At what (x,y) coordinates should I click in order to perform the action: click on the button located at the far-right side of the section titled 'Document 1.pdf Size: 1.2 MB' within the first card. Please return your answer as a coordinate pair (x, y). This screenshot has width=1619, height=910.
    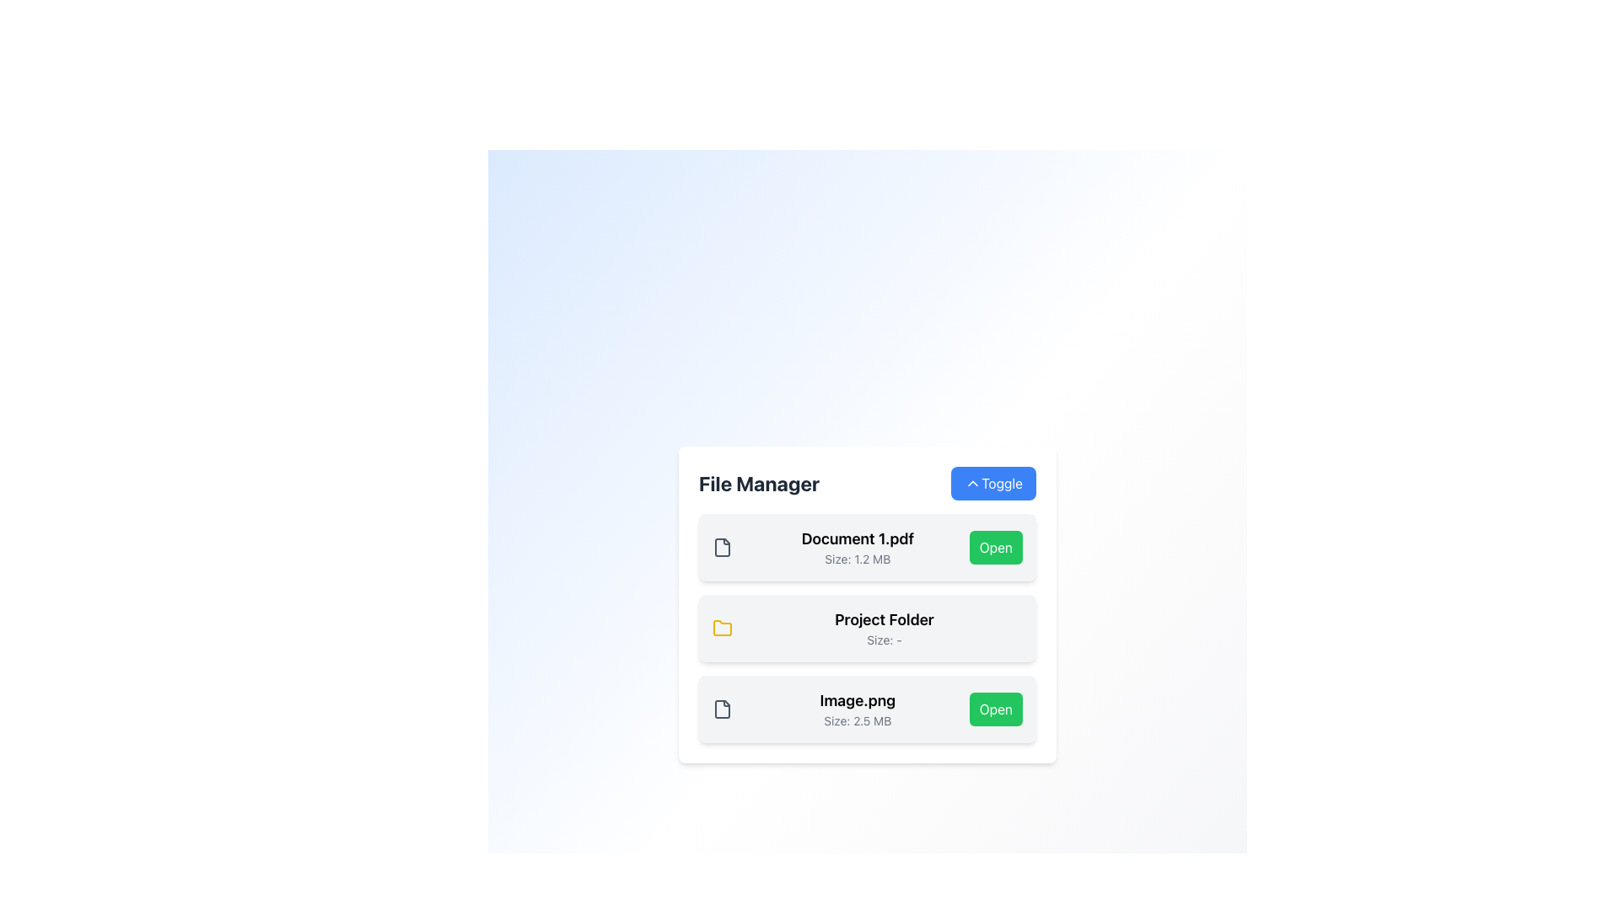
    Looking at the image, I should click on (995, 548).